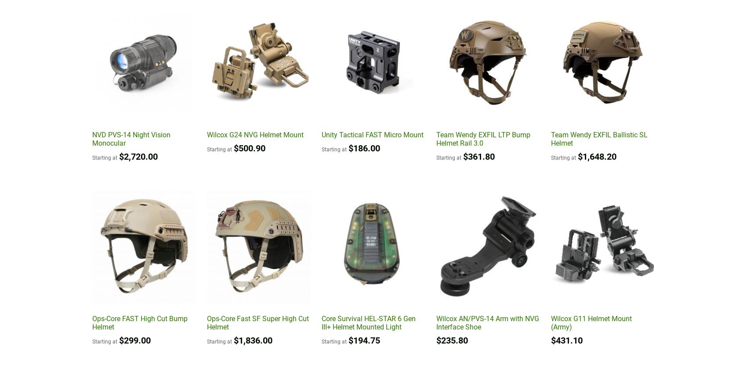 The height and width of the screenshot is (383, 747). I want to click on '$194.75', so click(363, 340).